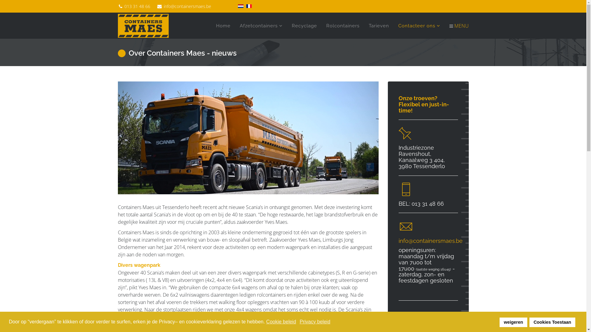 The width and height of the screenshot is (591, 332). Describe the element at coordinates (456, 26) in the screenshot. I see `'MENU'` at that location.